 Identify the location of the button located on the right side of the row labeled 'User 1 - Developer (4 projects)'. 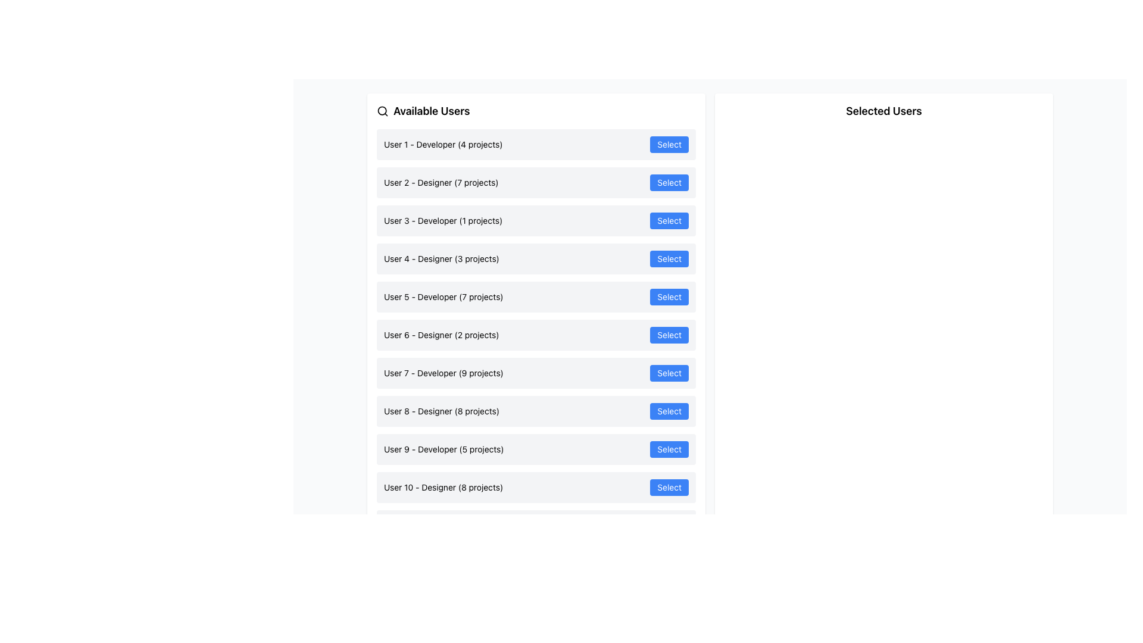
(669, 144).